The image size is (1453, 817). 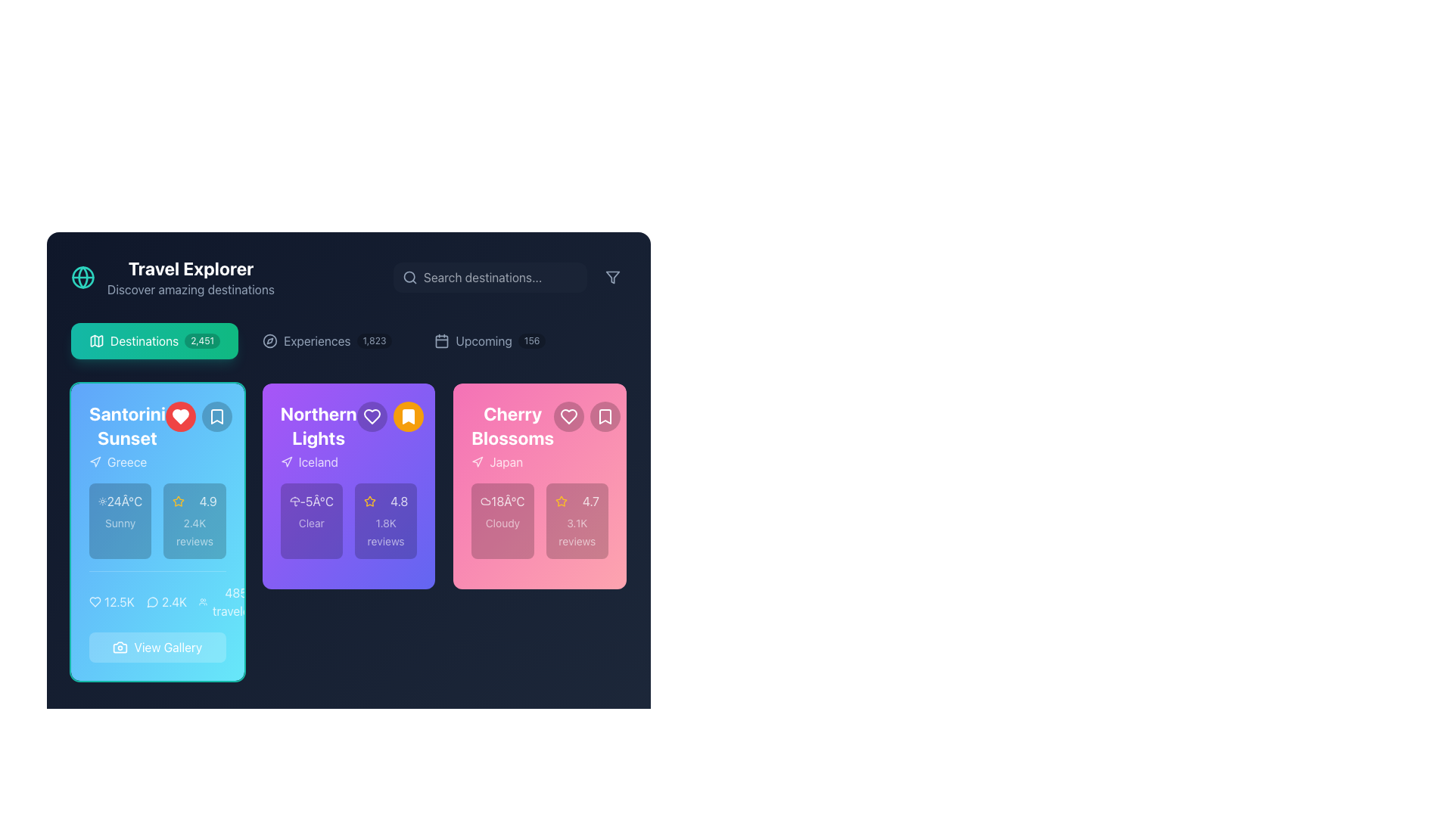 I want to click on numerical rating displayed on the Text Label located to the right of the gold-colored star icon in the blue card titled 'Santorini Sunset', so click(x=207, y=502).